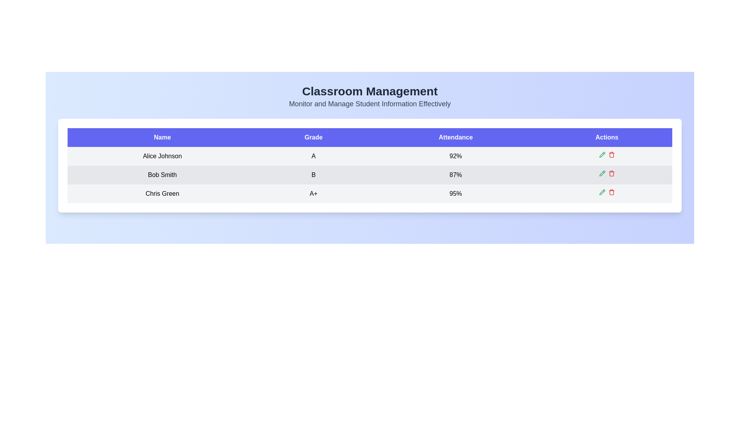 The height and width of the screenshot is (422, 750). Describe the element at coordinates (611, 173) in the screenshot. I see `the Delete icon located in the last cell of the second row in the Actions column of the table` at that location.